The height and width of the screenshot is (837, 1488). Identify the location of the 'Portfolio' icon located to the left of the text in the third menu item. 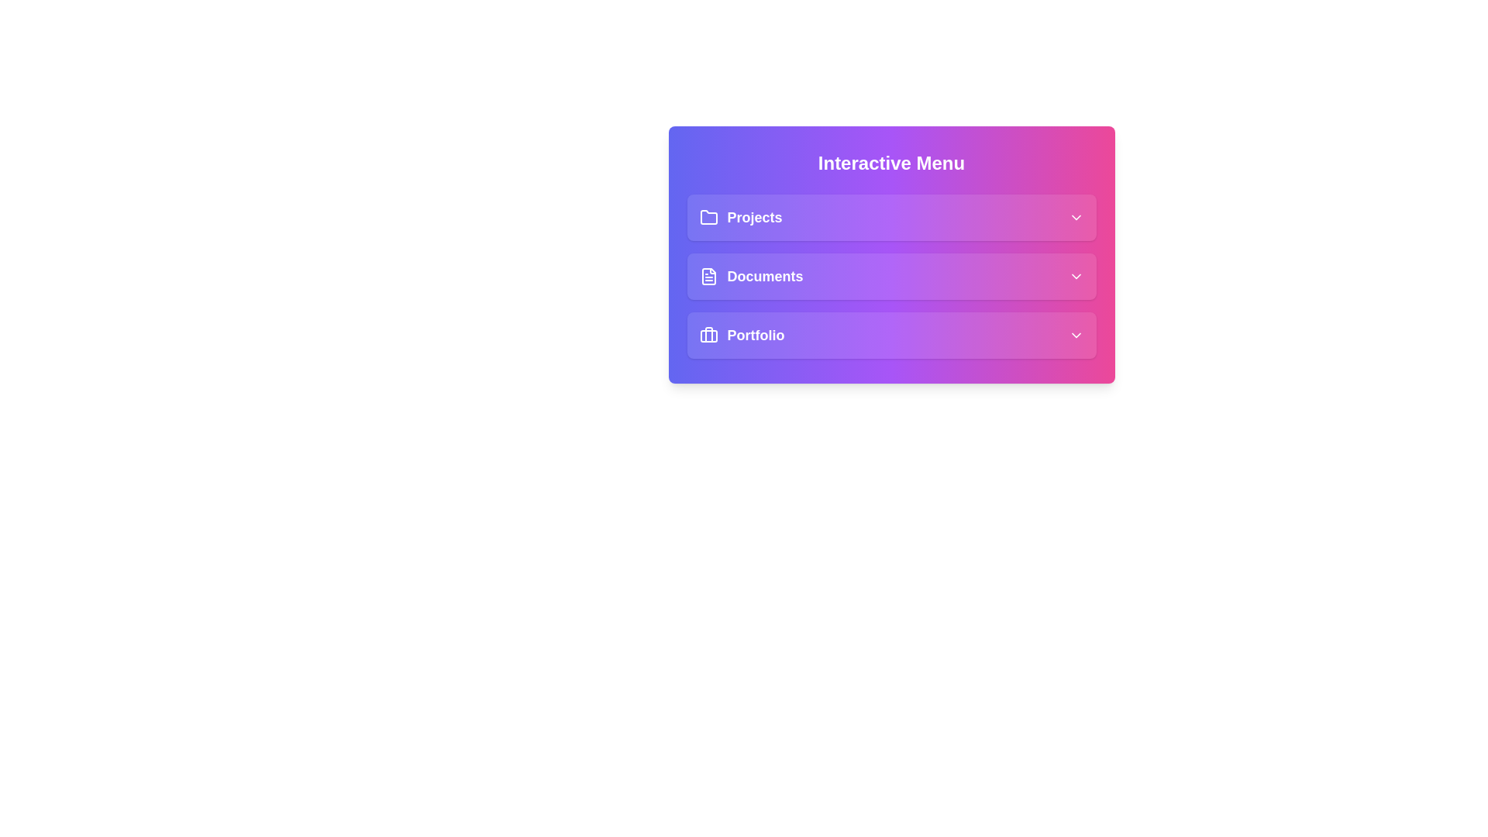
(708, 334).